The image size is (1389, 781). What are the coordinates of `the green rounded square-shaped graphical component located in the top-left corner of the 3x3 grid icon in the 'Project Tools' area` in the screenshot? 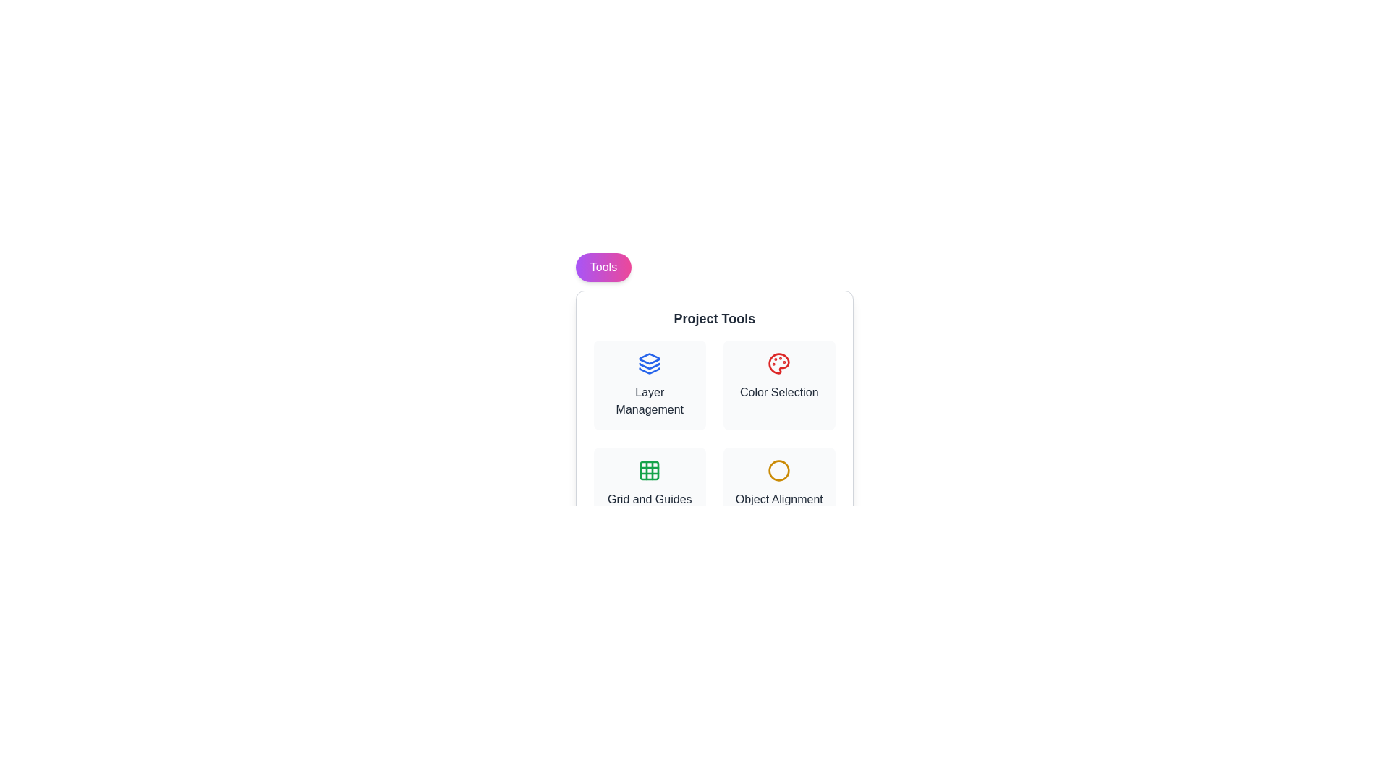 It's located at (649, 471).